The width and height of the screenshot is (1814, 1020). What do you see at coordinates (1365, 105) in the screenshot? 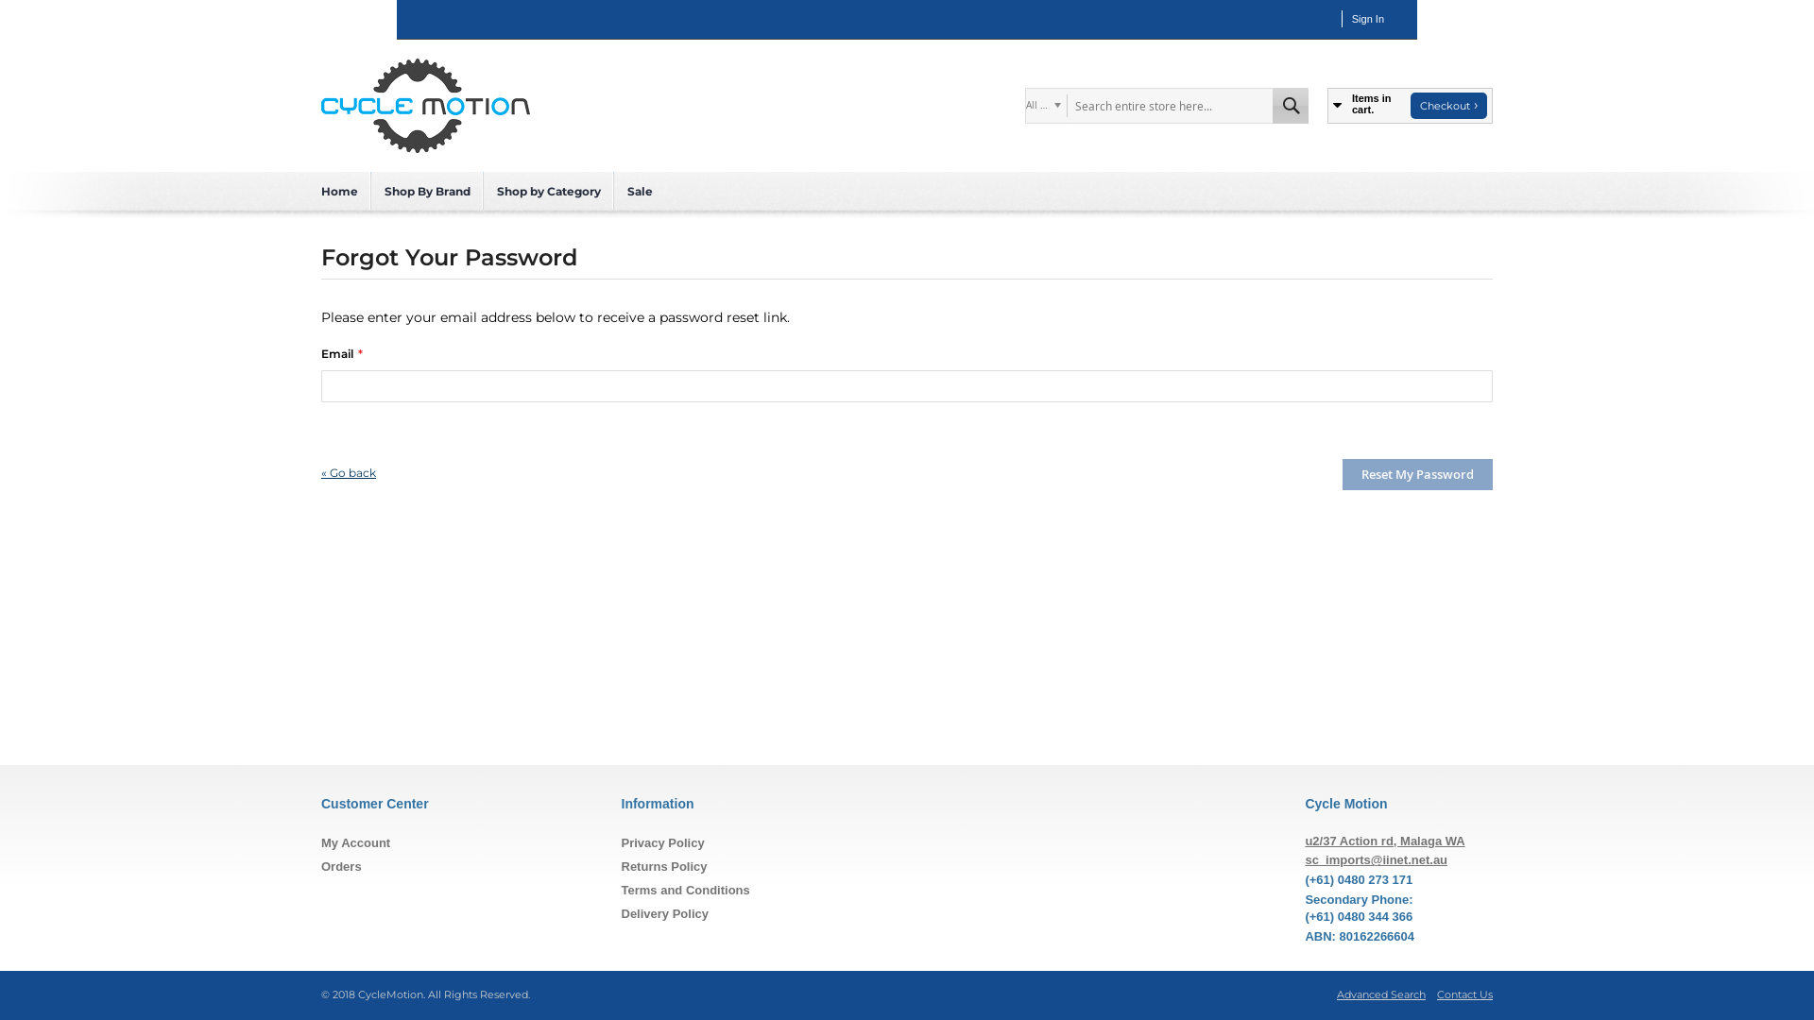
I see `'Items in cart.'` at bounding box center [1365, 105].